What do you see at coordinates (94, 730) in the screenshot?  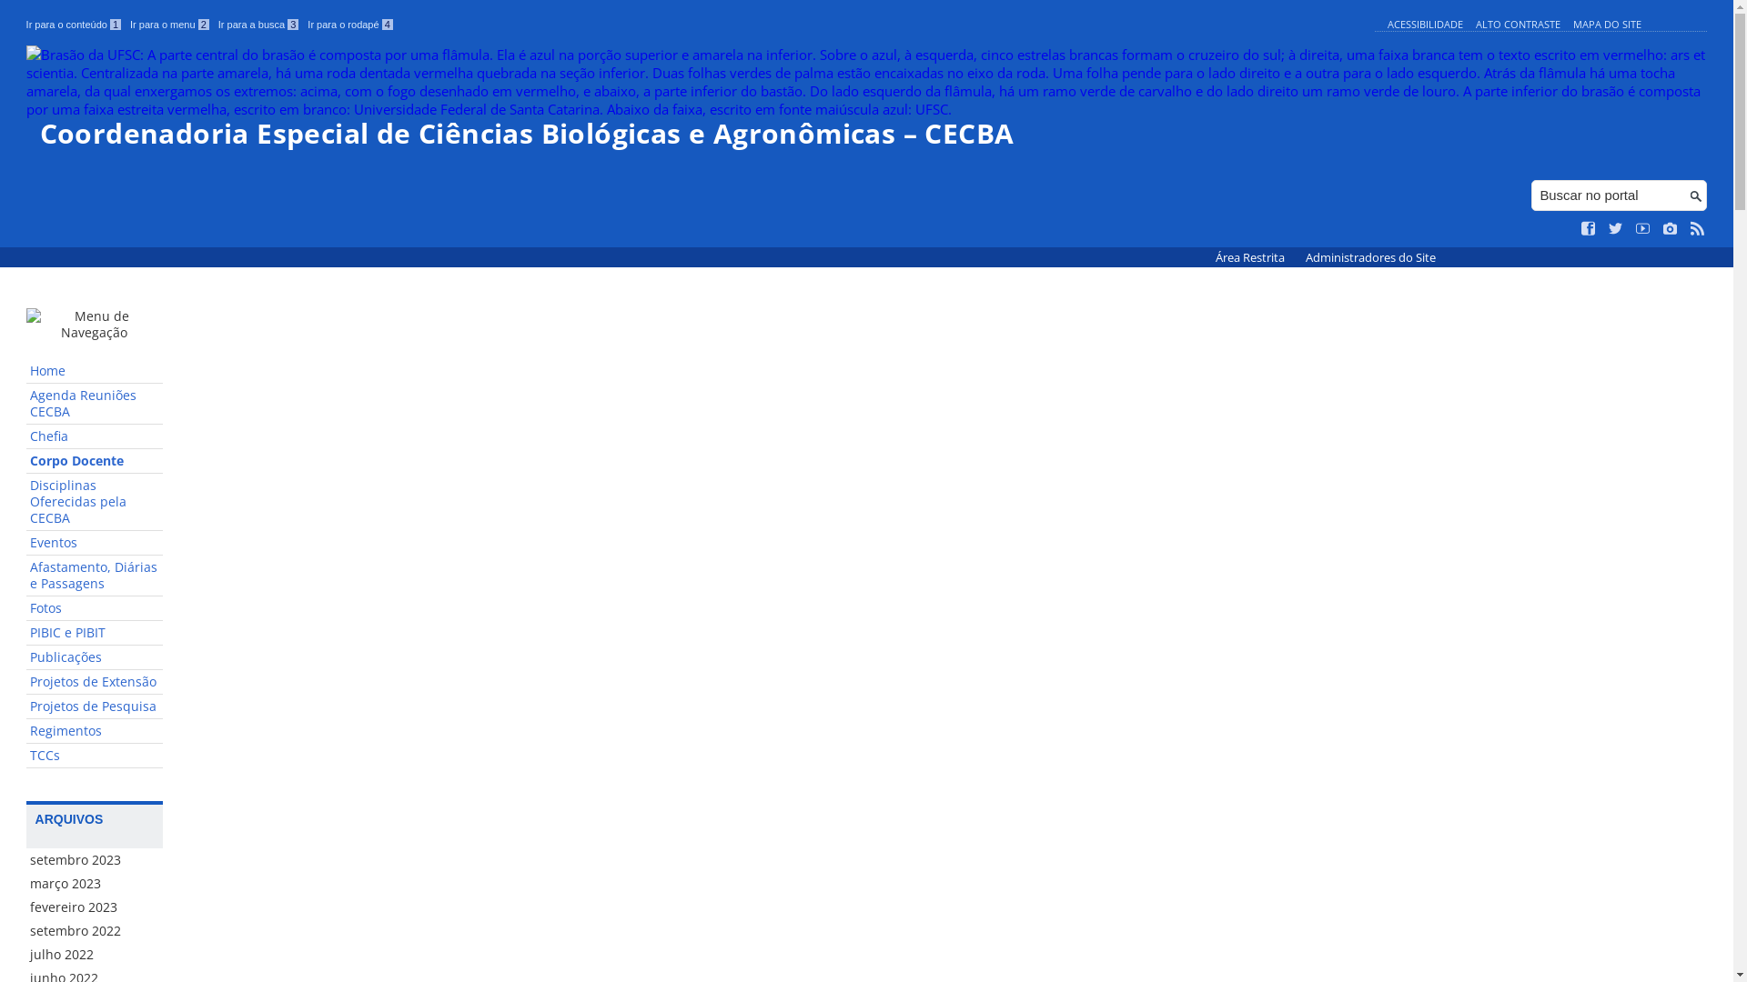 I see `'Regimentos'` at bounding box center [94, 730].